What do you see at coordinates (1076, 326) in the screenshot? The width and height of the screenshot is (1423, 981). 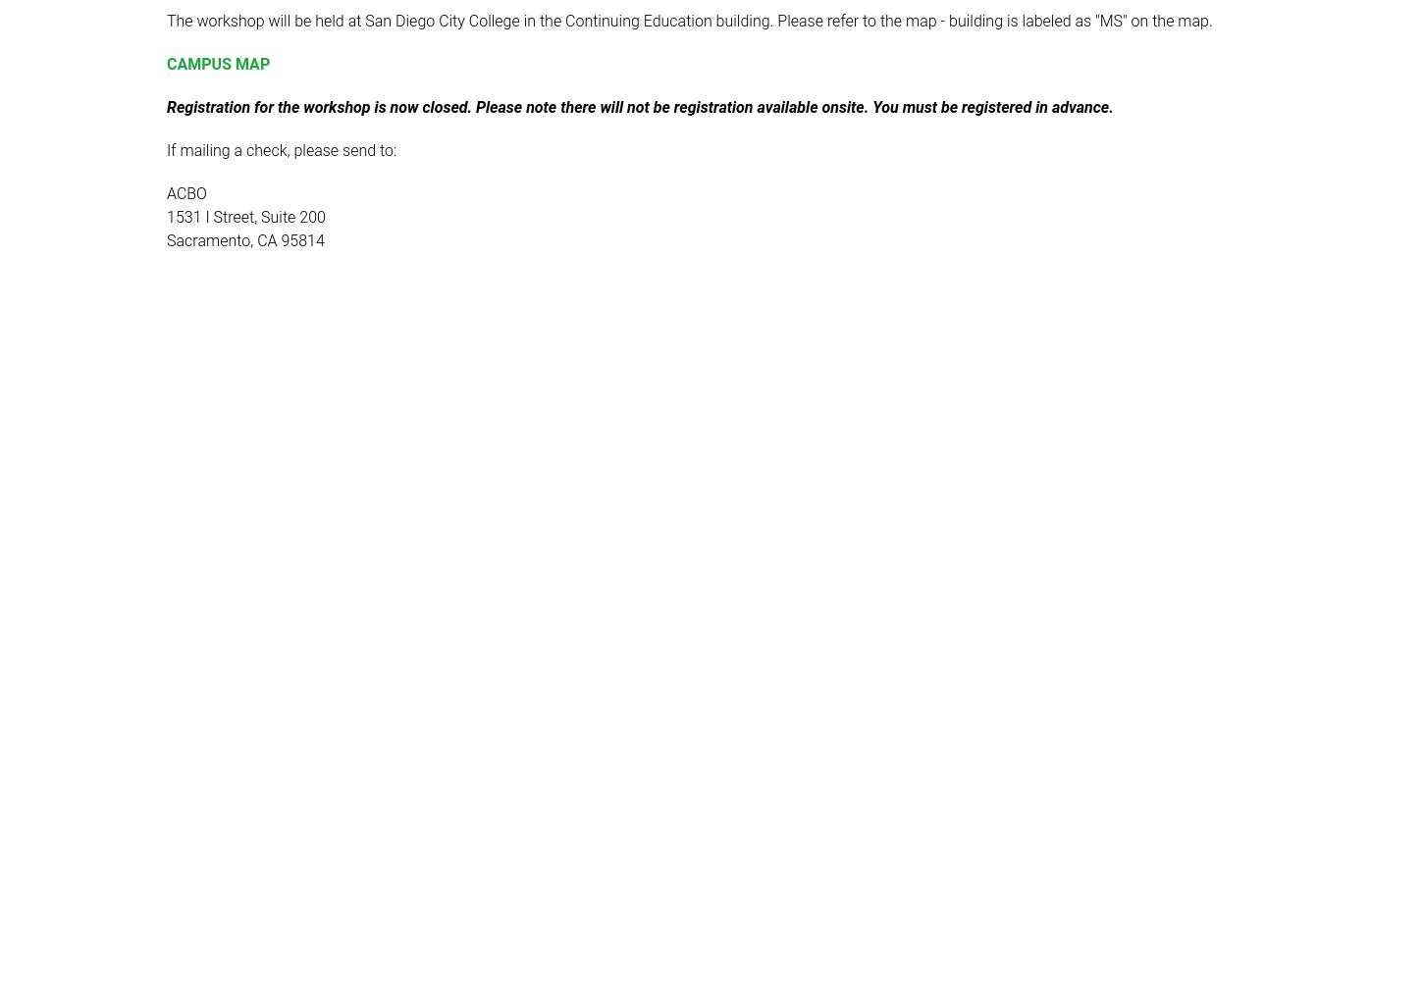 I see `'2023 Association of Chief Business Officials - ACBO'` at bounding box center [1076, 326].